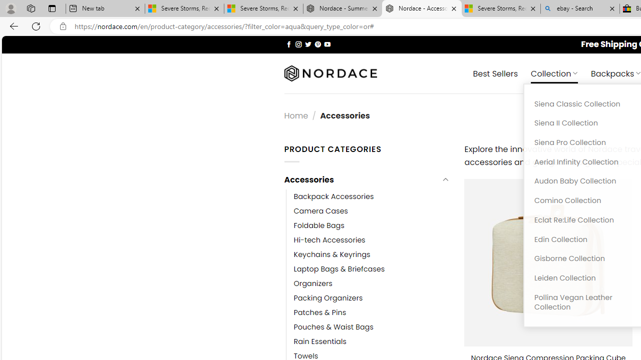 The height and width of the screenshot is (360, 641). Describe the element at coordinates (422, 8) in the screenshot. I see `'Nordace - Accessories'` at that location.